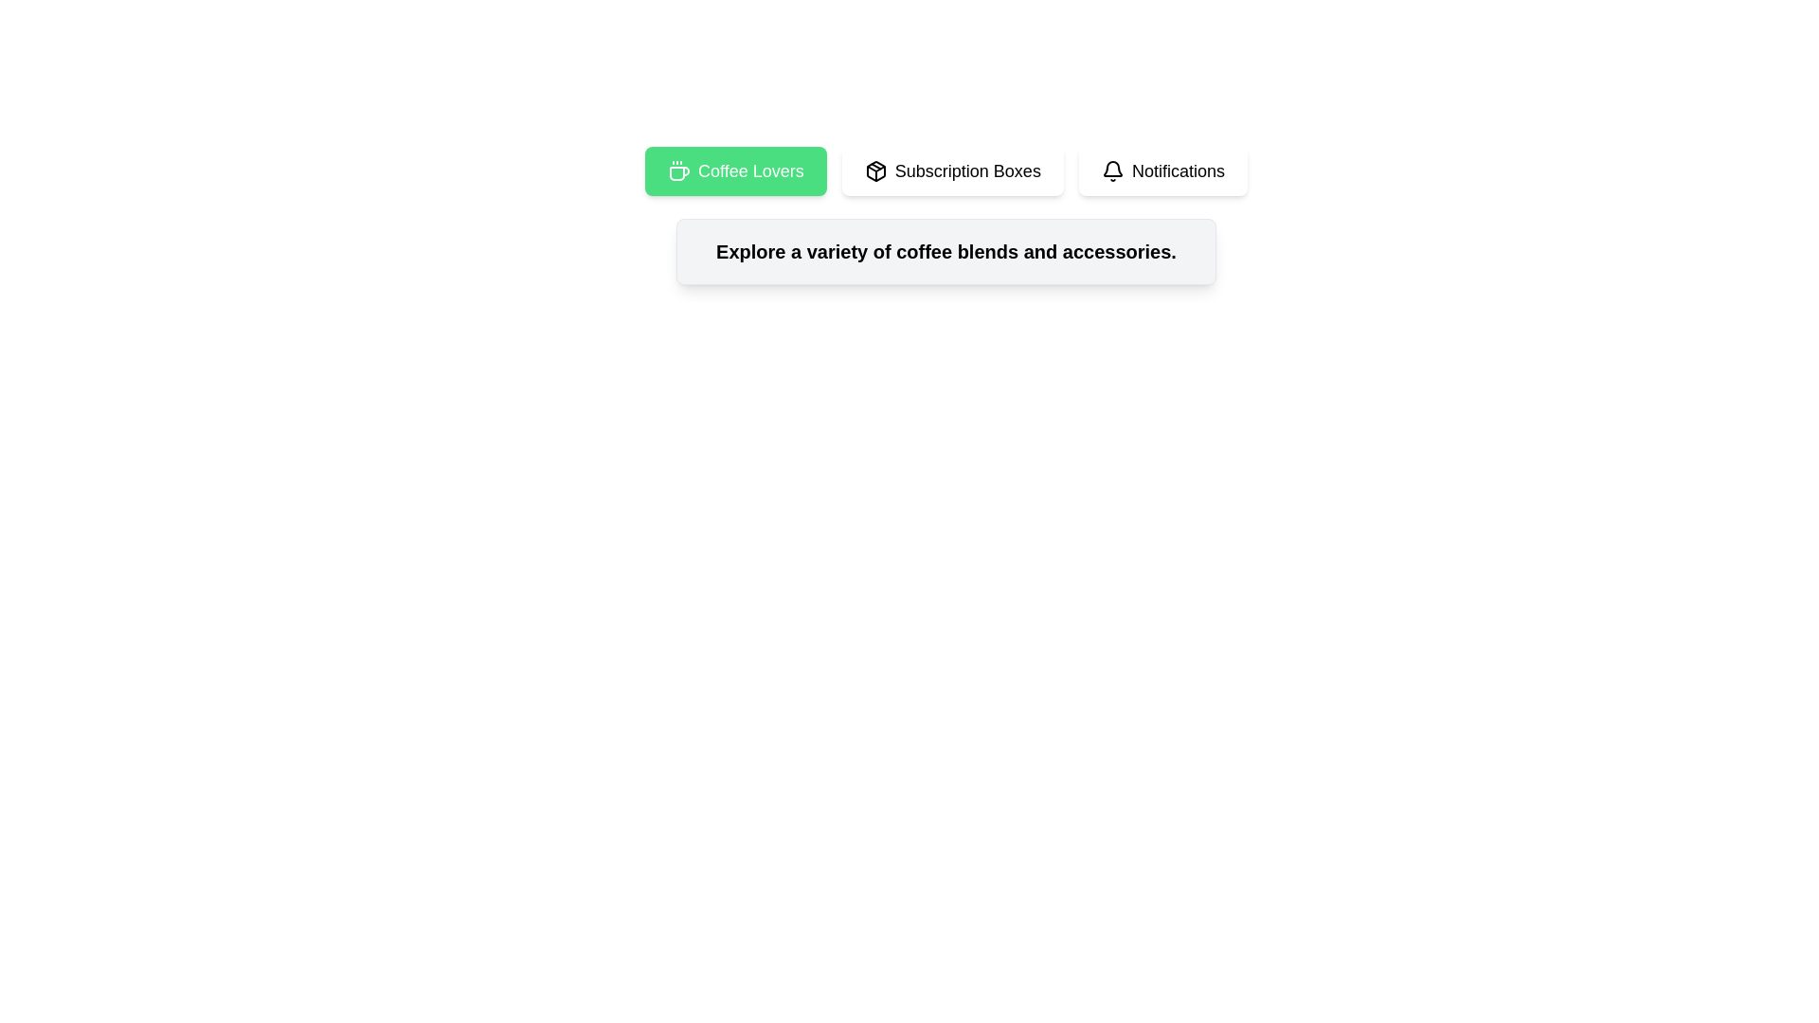 The height and width of the screenshot is (1023, 1819). What do you see at coordinates (946, 251) in the screenshot?
I see `the central text element that describes the purpose or offerings of the interface section, which is located within a bordered and shadowed box with a gray background, below the navigation bar` at bounding box center [946, 251].